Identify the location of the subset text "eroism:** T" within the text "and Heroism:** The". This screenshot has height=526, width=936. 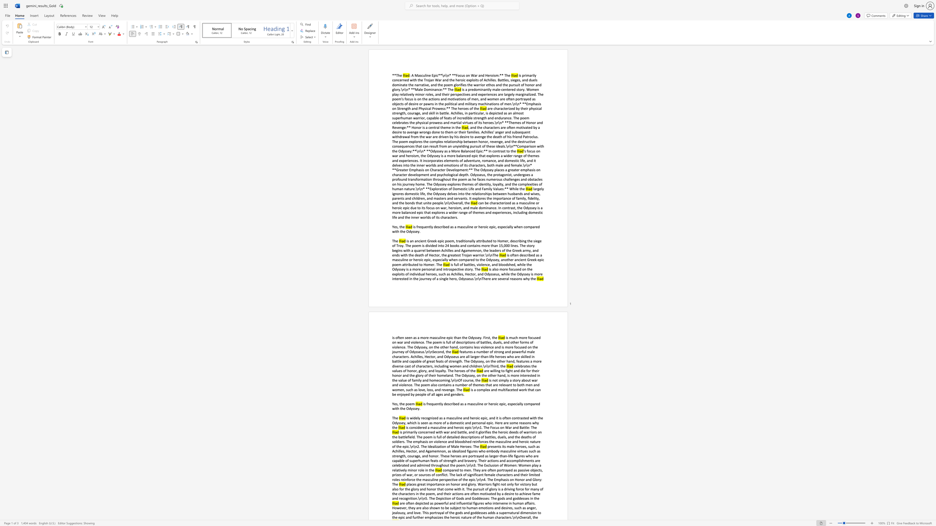
(488, 75).